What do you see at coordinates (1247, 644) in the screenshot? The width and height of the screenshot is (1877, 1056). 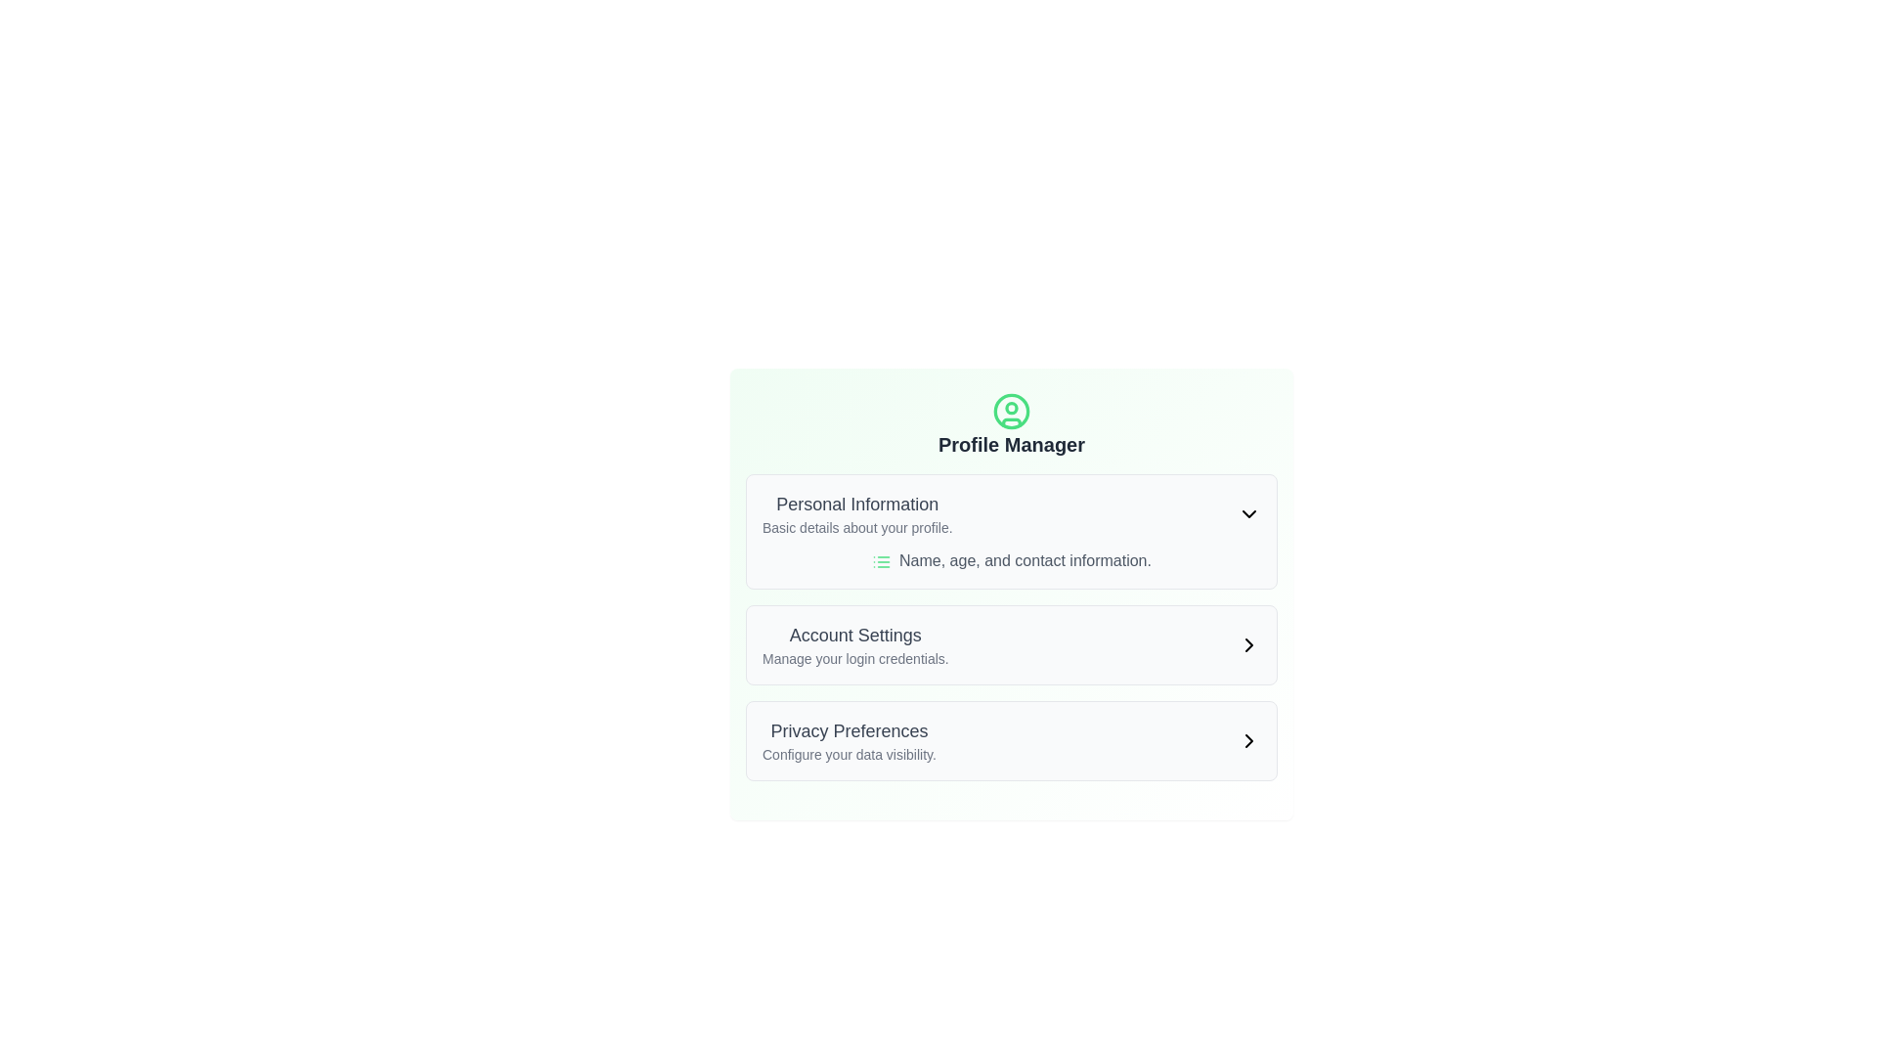 I see `the chevron icon indicating navigability for the 'Account Settings' section to trigger any tooltips` at bounding box center [1247, 644].